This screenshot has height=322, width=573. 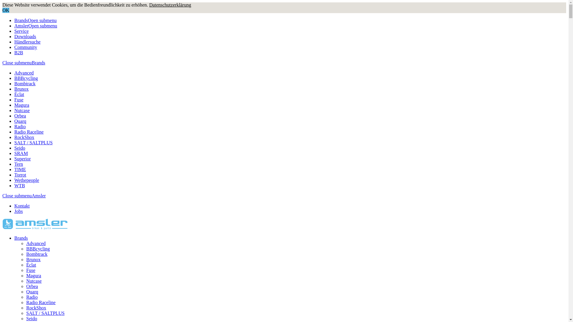 I want to click on 'SRAM', so click(x=21, y=153).